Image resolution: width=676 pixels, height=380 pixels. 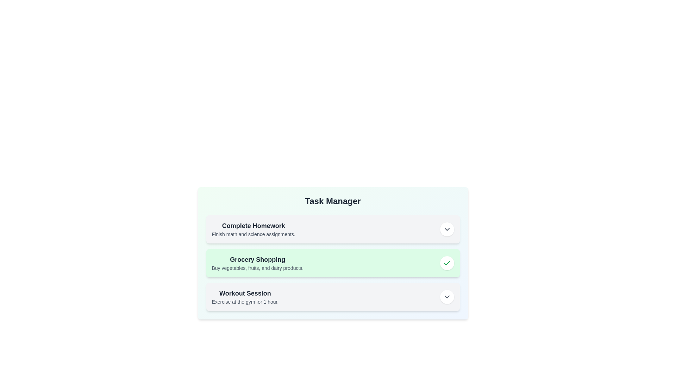 I want to click on the toggle button for the task 'Complete Homework', so click(x=446, y=229).